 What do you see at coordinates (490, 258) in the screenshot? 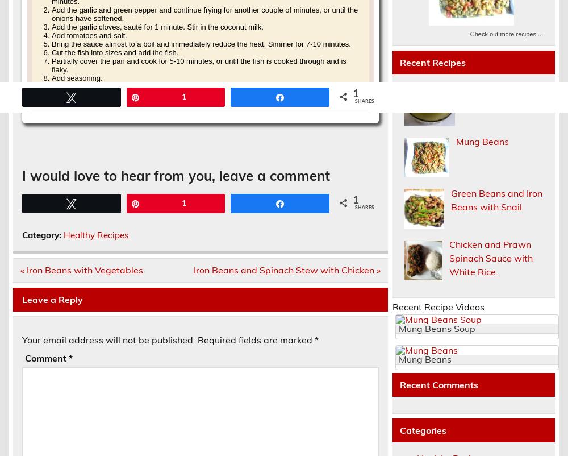
I see `'Chicken and Prawn Spinach Sauce with White Rice.'` at bounding box center [490, 258].